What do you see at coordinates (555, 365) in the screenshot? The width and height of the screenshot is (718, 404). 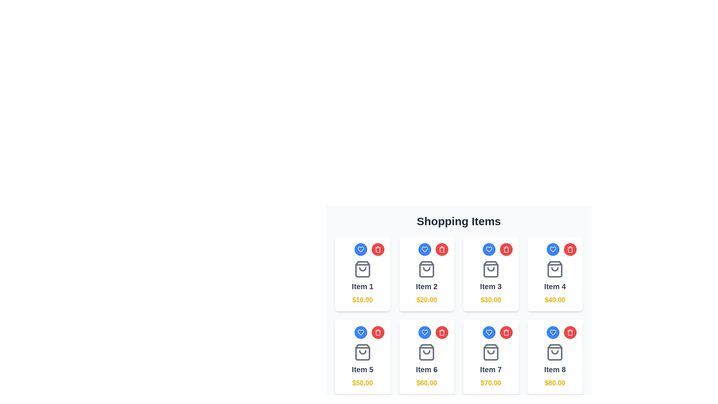 I see `linked elements within the 'Item 8' card located at the bottom-right position of the shopping items grid` at bounding box center [555, 365].